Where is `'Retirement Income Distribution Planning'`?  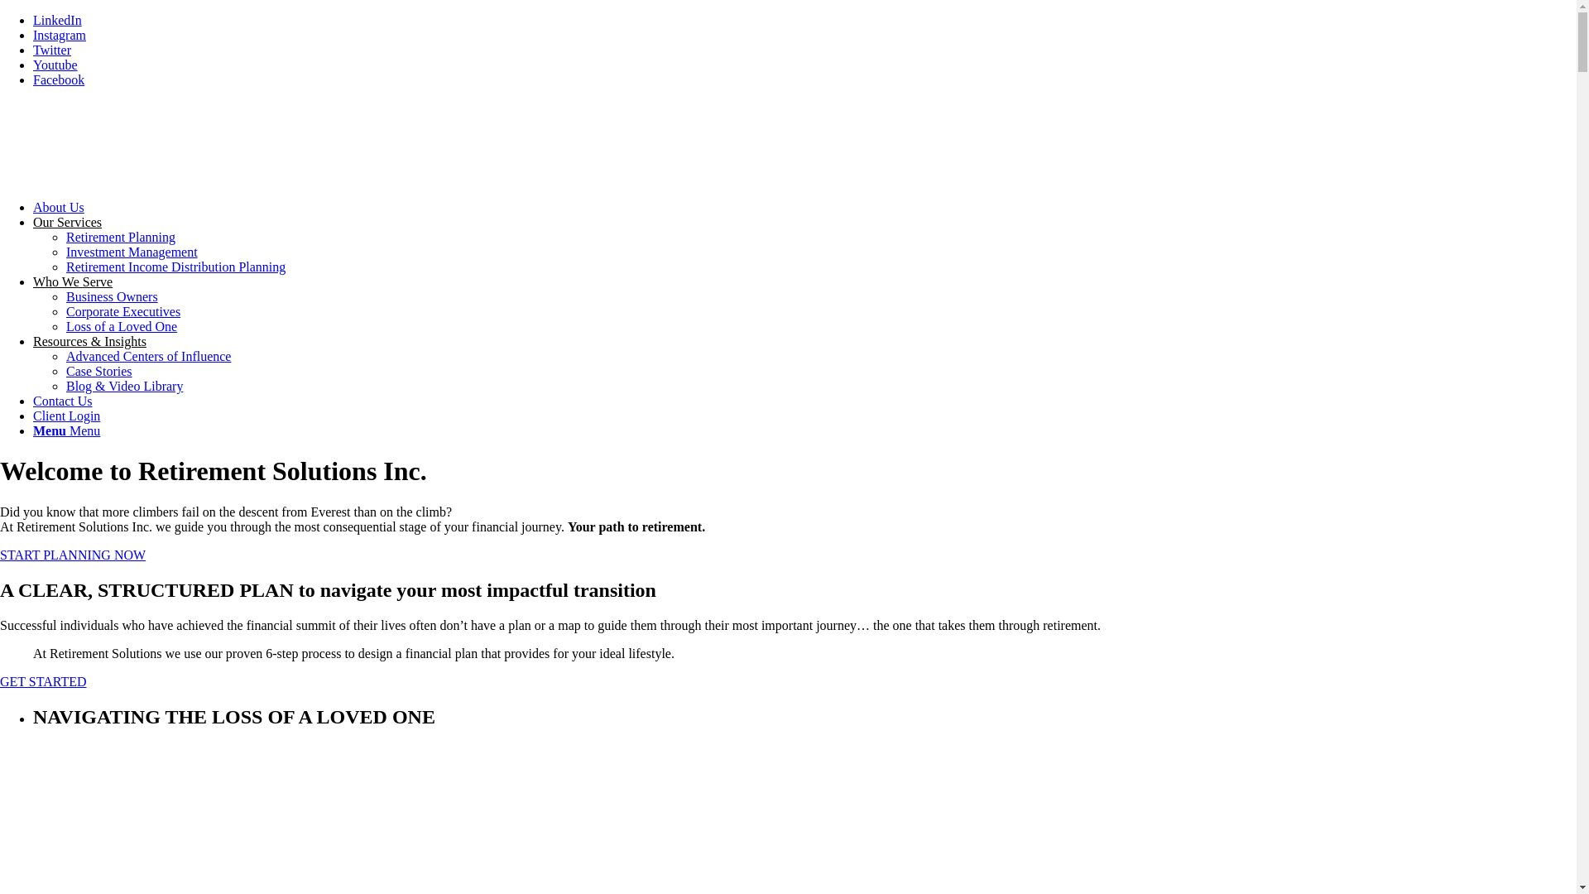 'Retirement Income Distribution Planning' is located at coordinates (66, 266).